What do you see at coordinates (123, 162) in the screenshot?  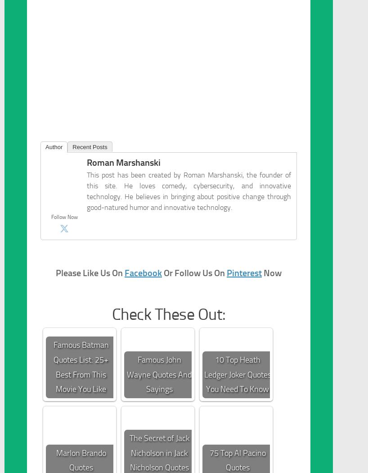 I see `'Roman Marshanski'` at bounding box center [123, 162].